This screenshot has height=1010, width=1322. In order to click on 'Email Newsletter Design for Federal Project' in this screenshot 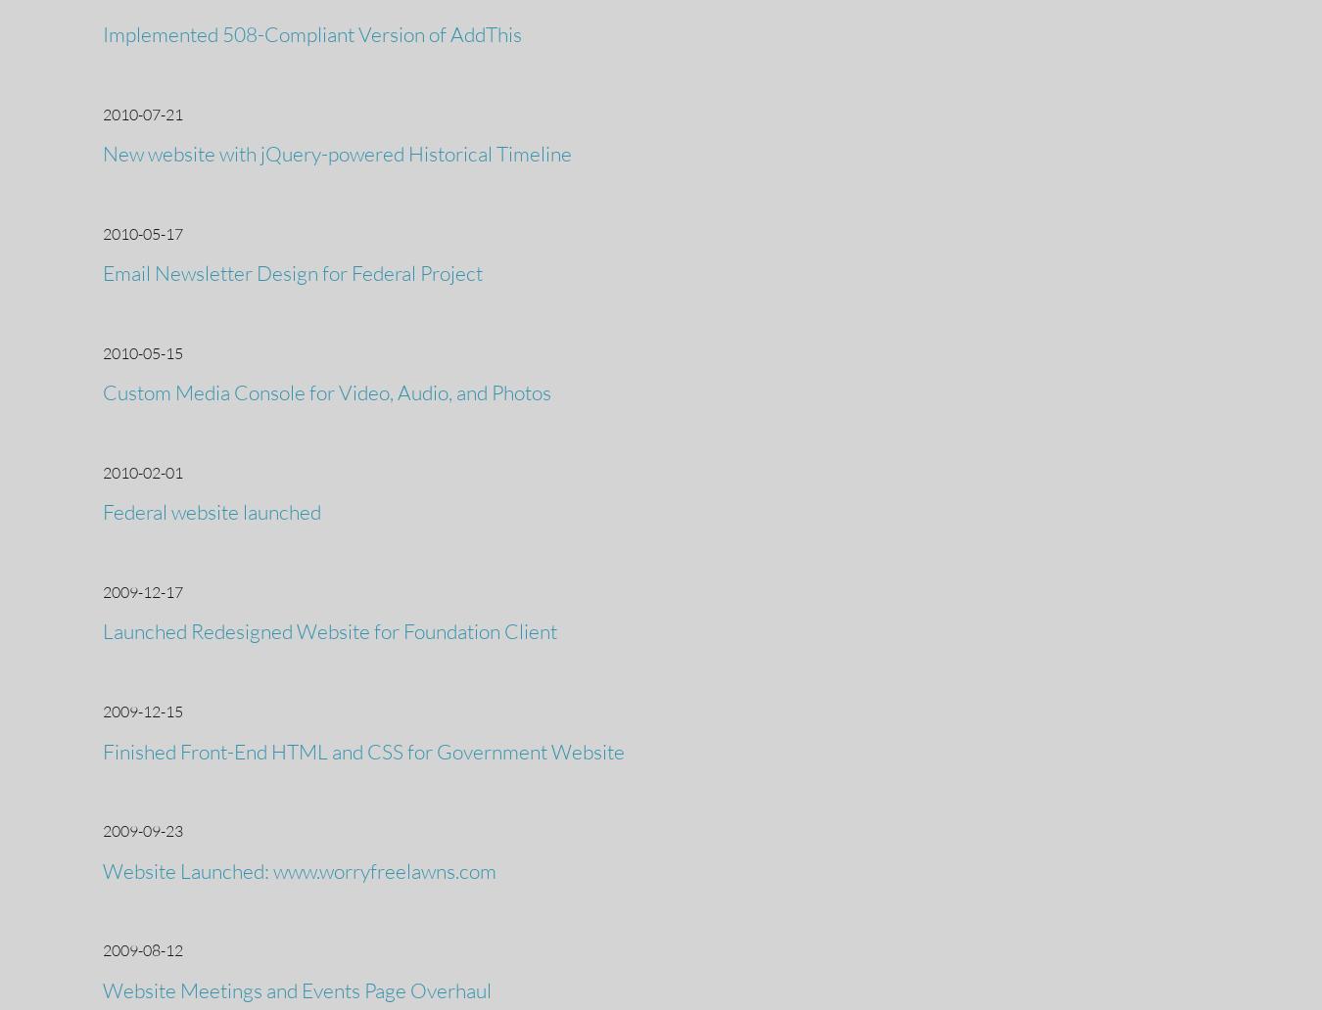, I will do `click(102, 272)`.